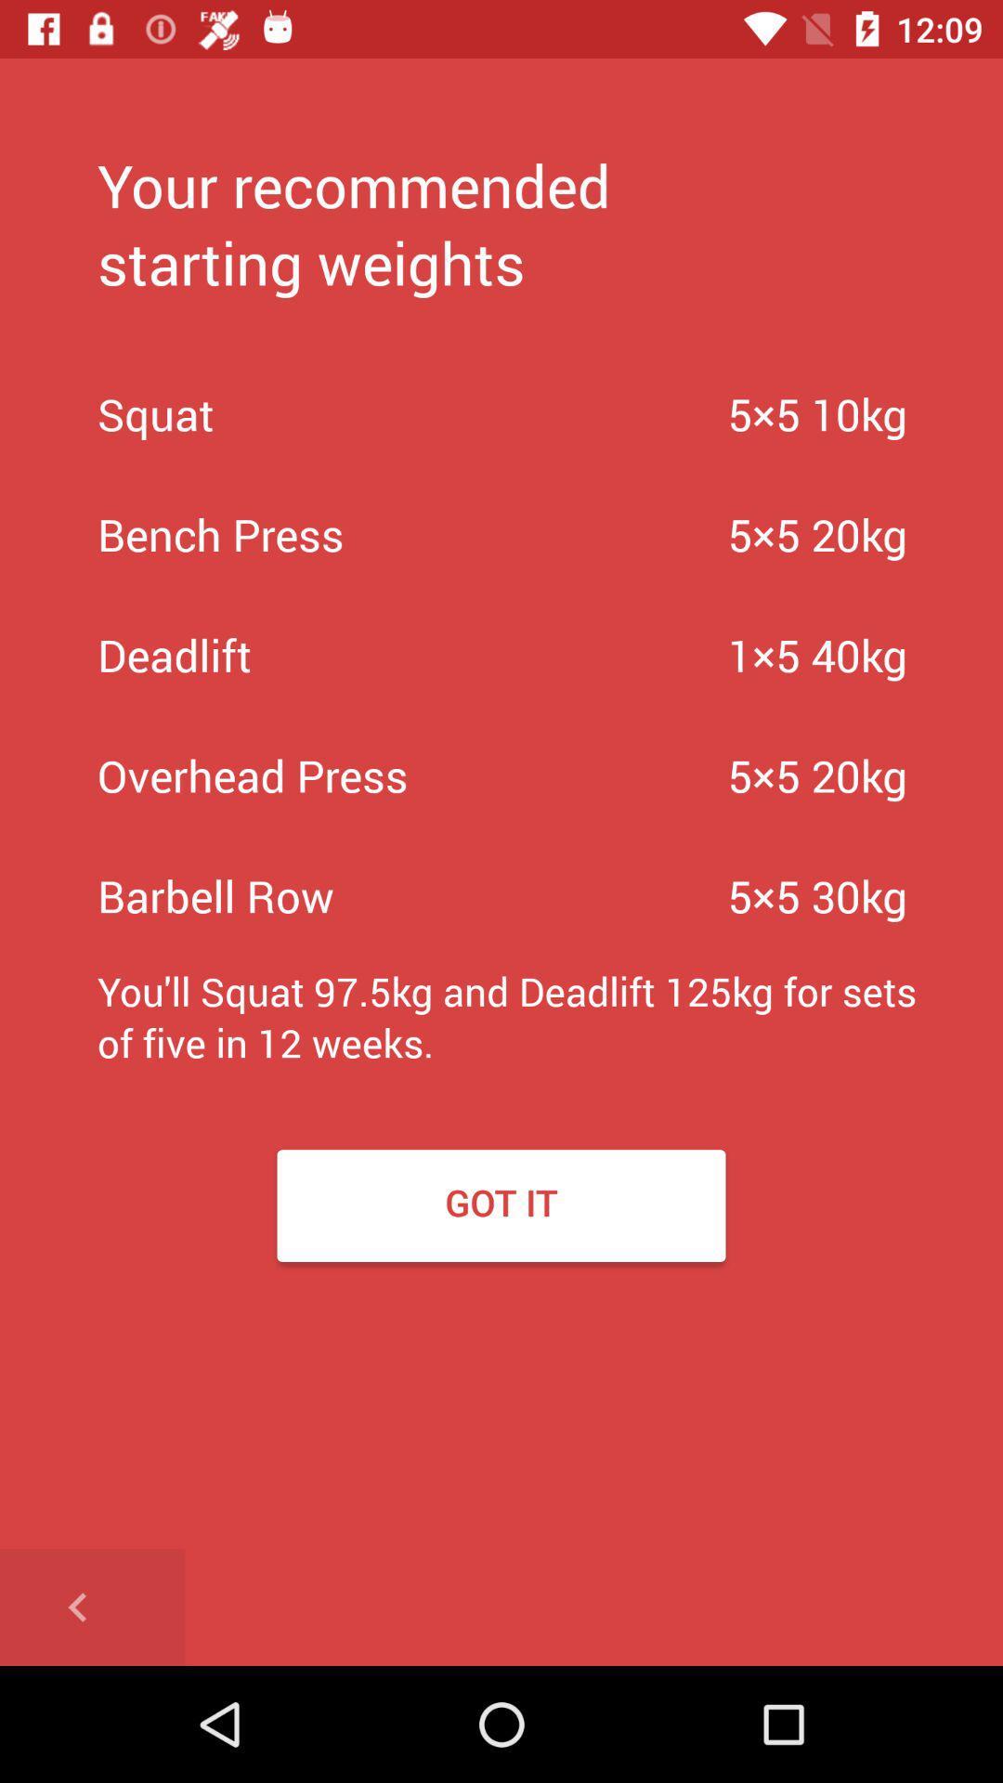 Image resolution: width=1003 pixels, height=1783 pixels. Describe the element at coordinates (92, 1607) in the screenshot. I see `goes back` at that location.